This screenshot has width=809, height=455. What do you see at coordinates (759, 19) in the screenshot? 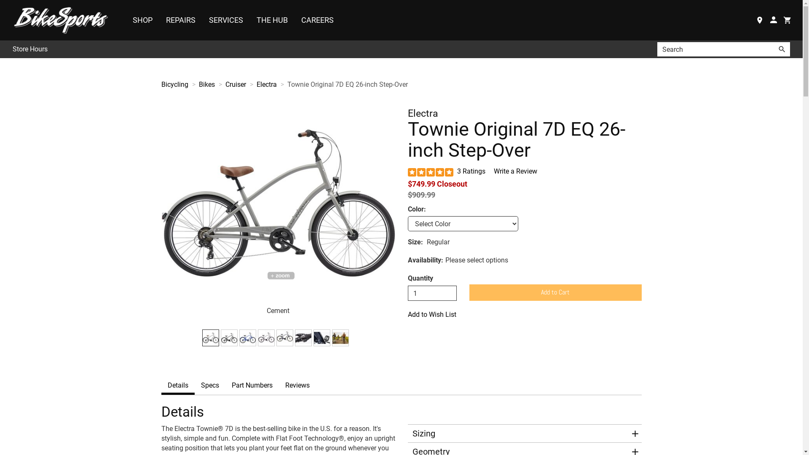
I see `'Stores'` at bounding box center [759, 19].